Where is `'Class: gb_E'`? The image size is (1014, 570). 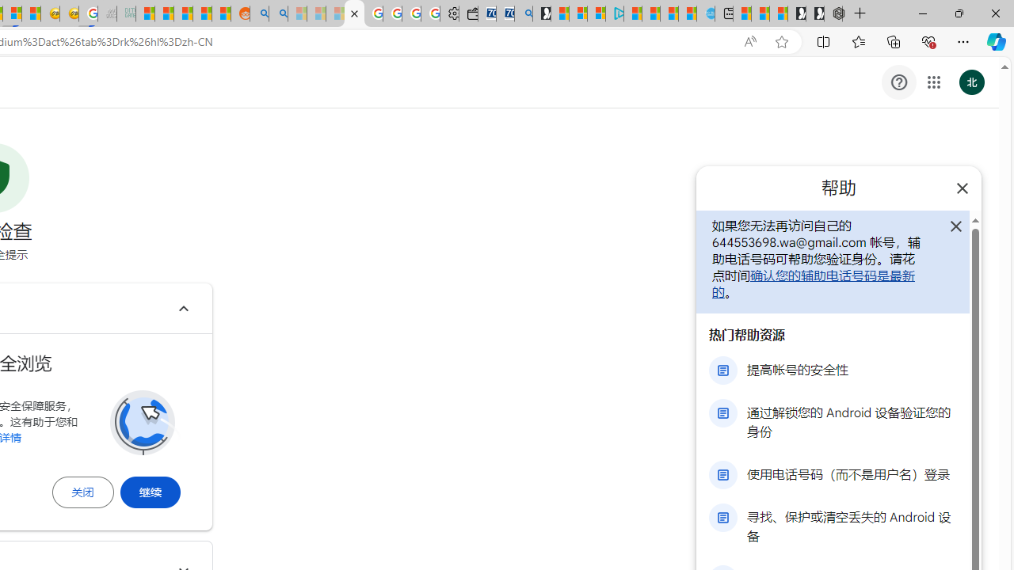
'Class: gb_E' is located at coordinates (933, 82).